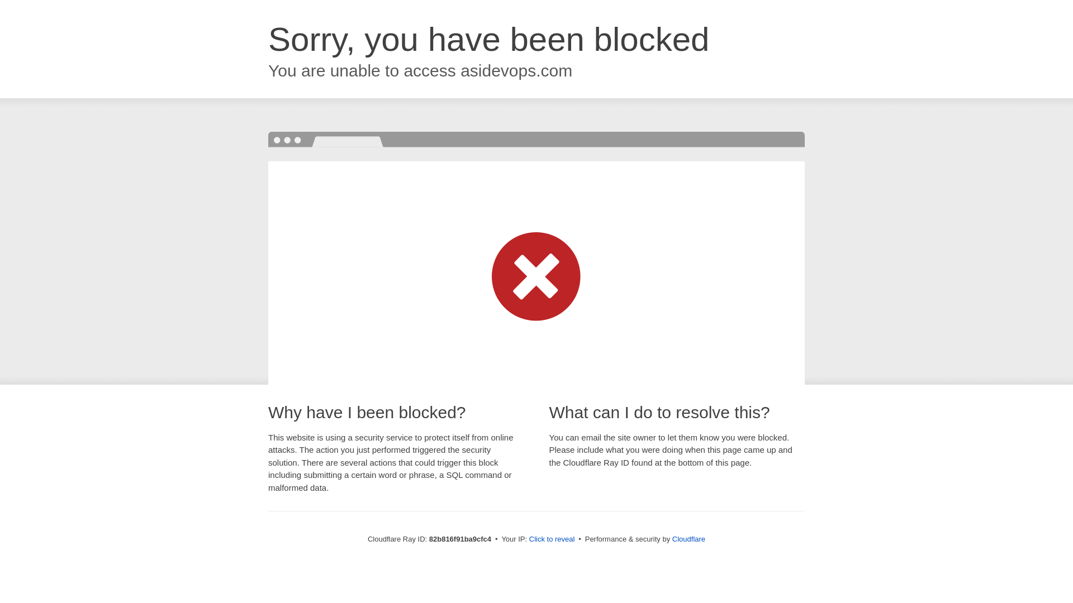 This screenshot has height=603, width=1073. Describe the element at coordinates (688, 538) in the screenshot. I see `'Cloudflare'` at that location.